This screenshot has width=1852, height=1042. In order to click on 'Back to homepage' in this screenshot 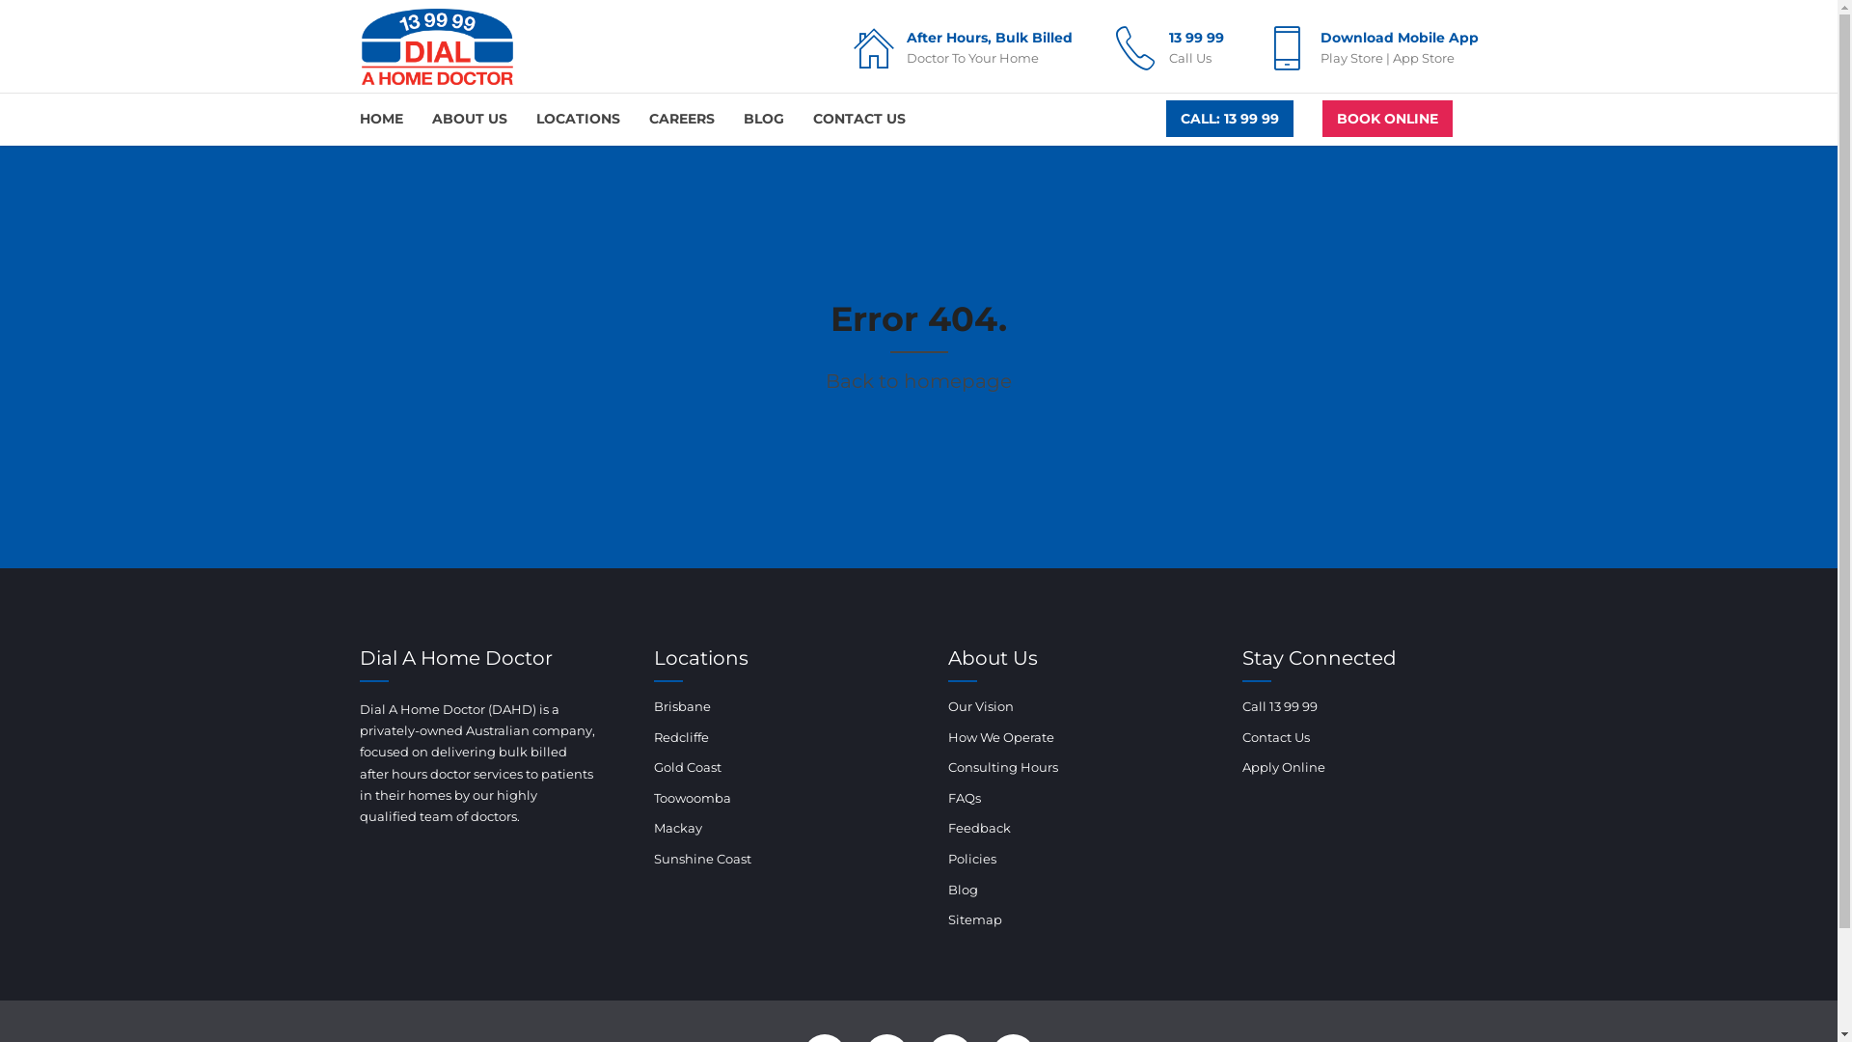, I will do `click(917, 381)`.